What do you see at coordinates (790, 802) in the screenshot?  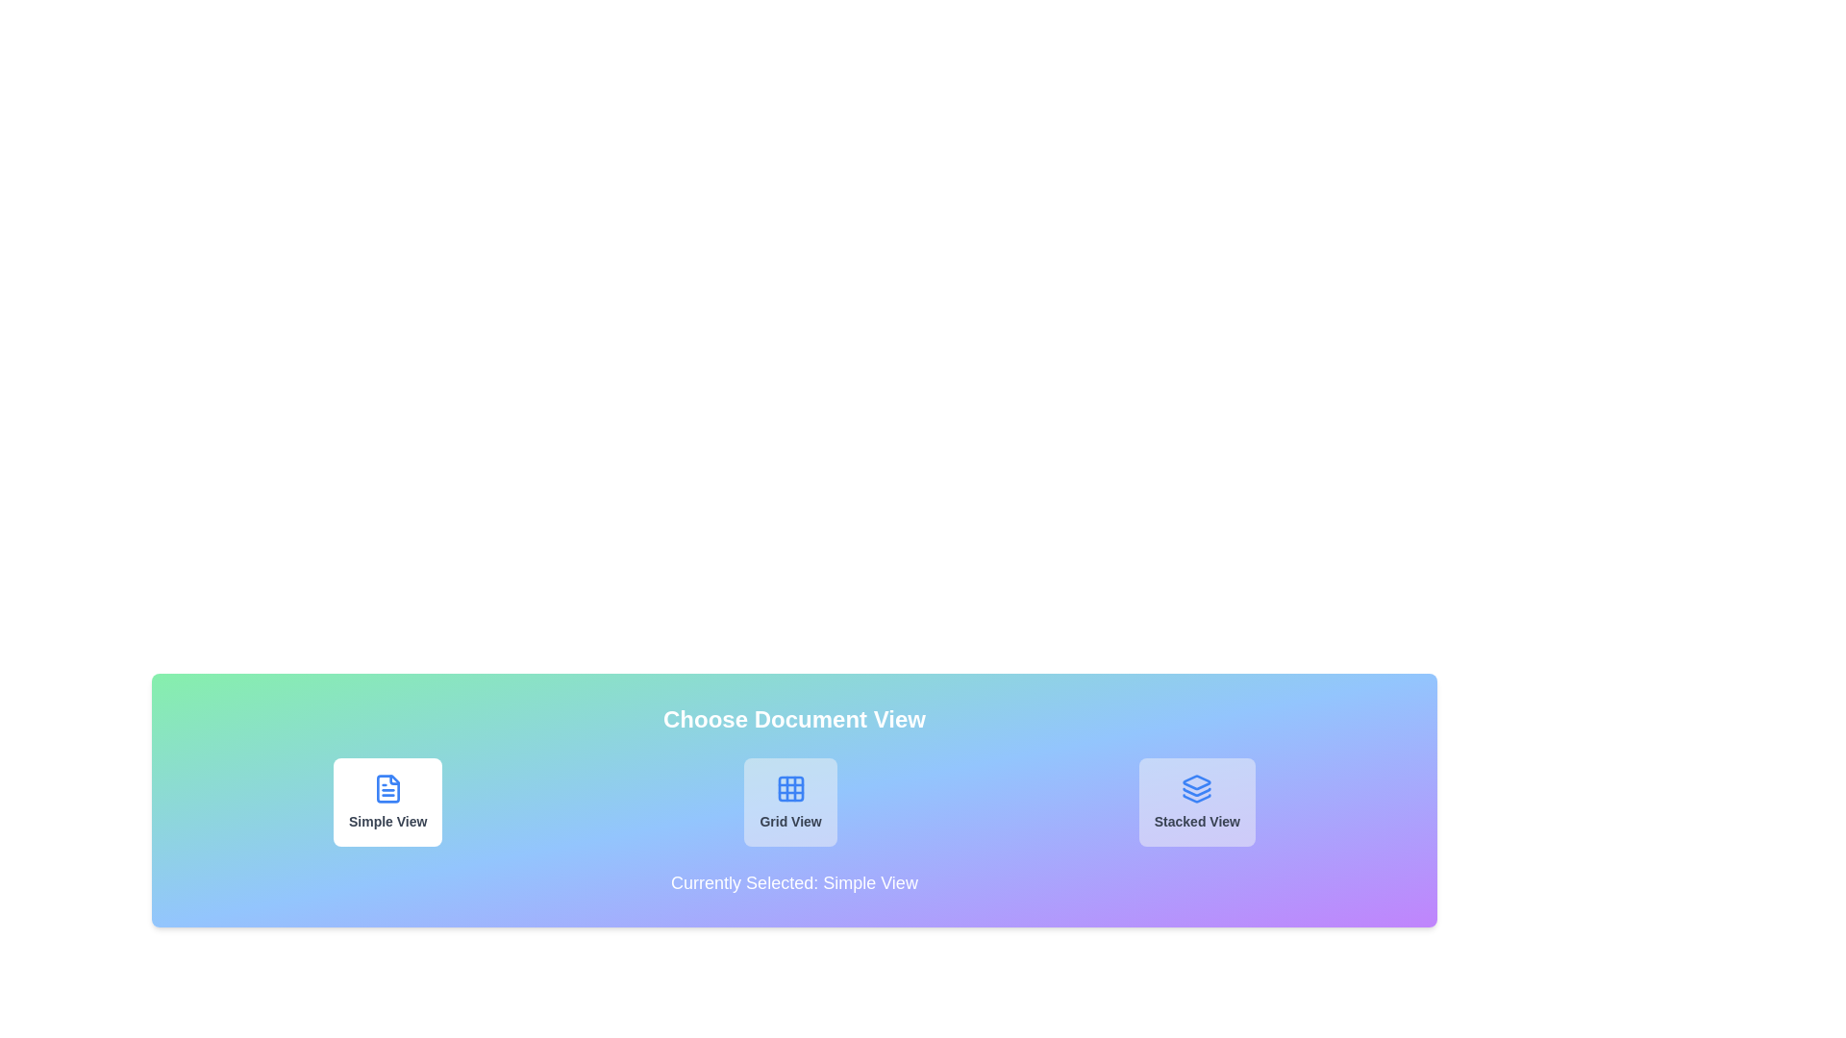 I see `the button corresponding to Grid View to observe its hover effect` at bounding box center [790, 802].